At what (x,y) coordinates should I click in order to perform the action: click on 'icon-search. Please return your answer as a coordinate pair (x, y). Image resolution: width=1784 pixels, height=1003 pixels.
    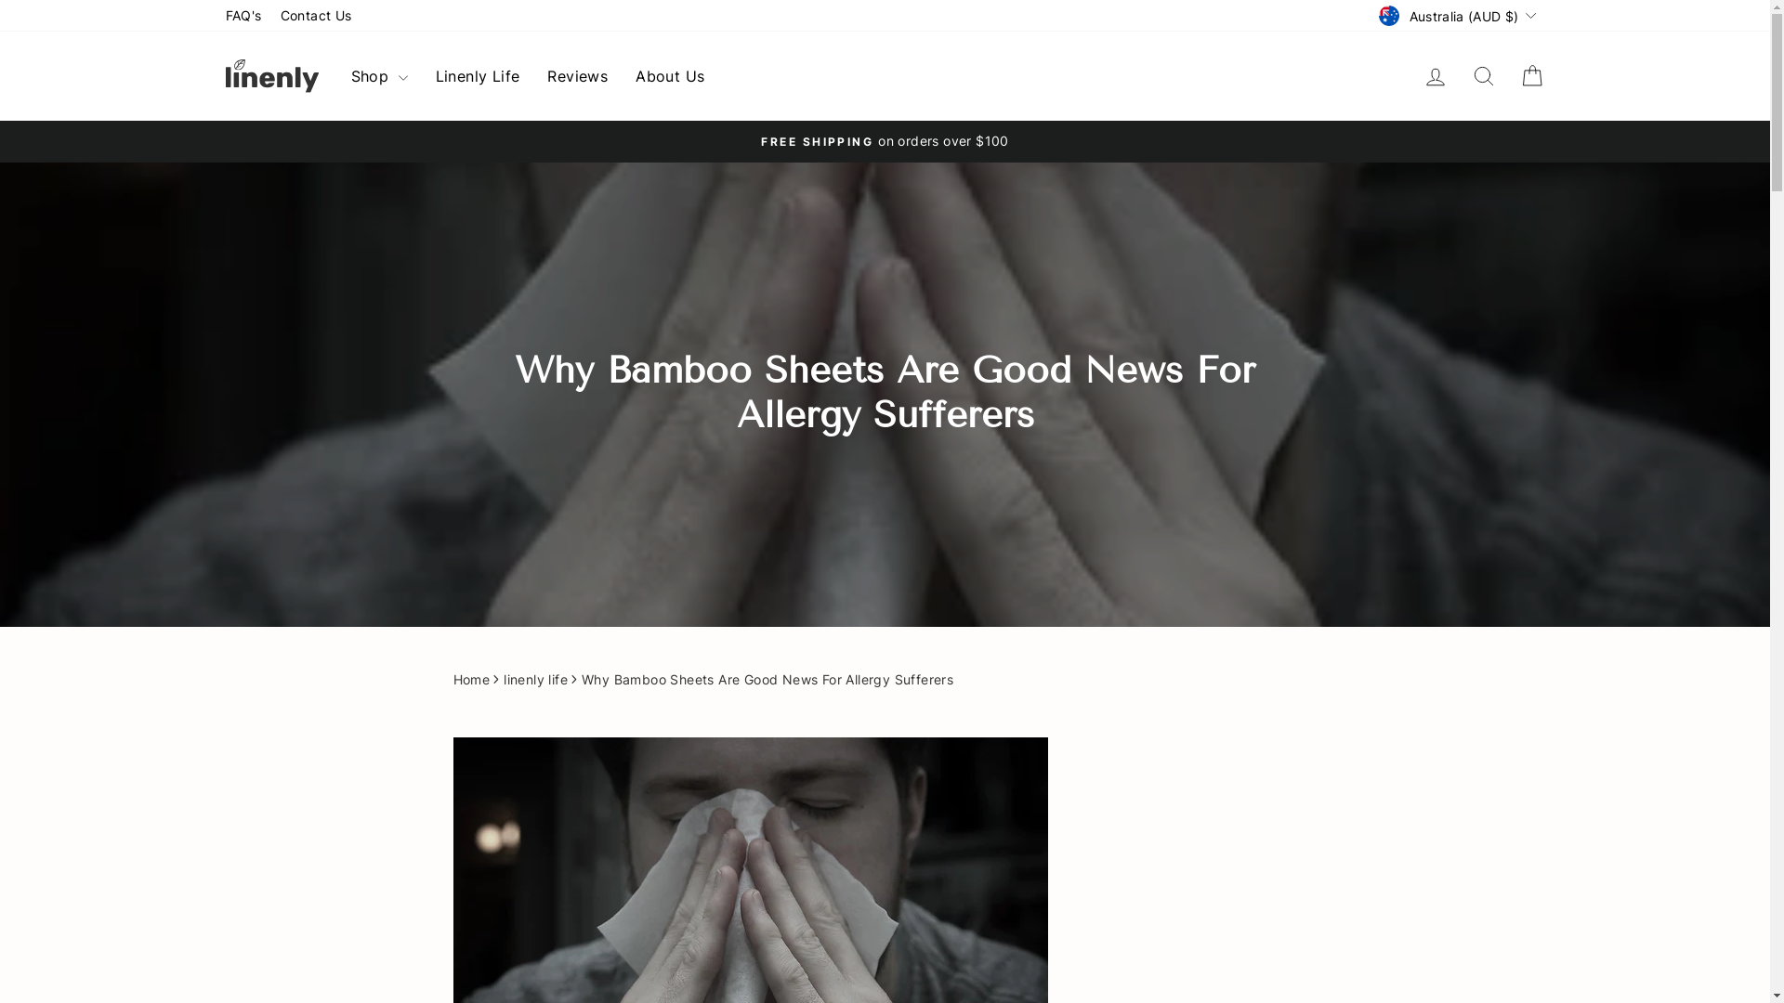
    Looking at the image, I should click on (1482, 75).